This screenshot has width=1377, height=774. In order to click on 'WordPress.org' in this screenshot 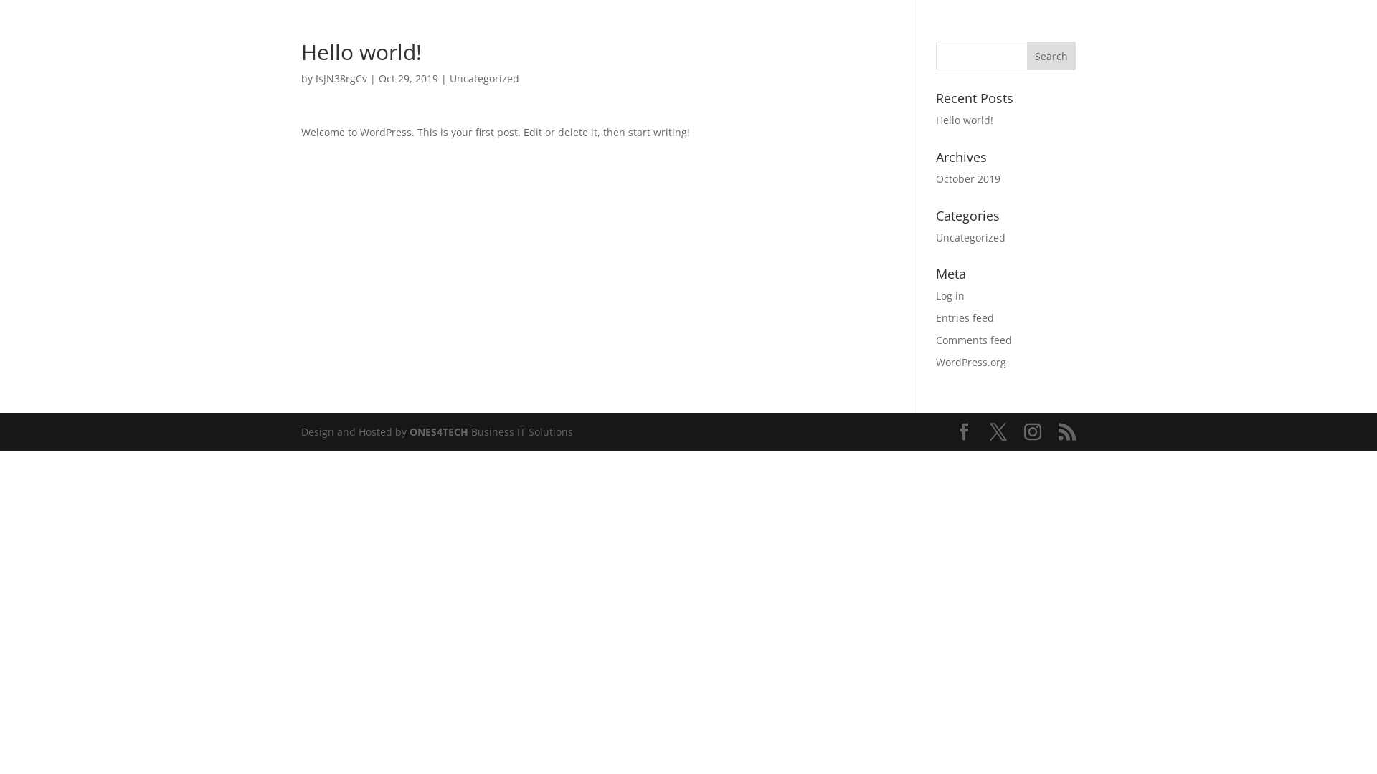, I will do `click(970, 361)`.